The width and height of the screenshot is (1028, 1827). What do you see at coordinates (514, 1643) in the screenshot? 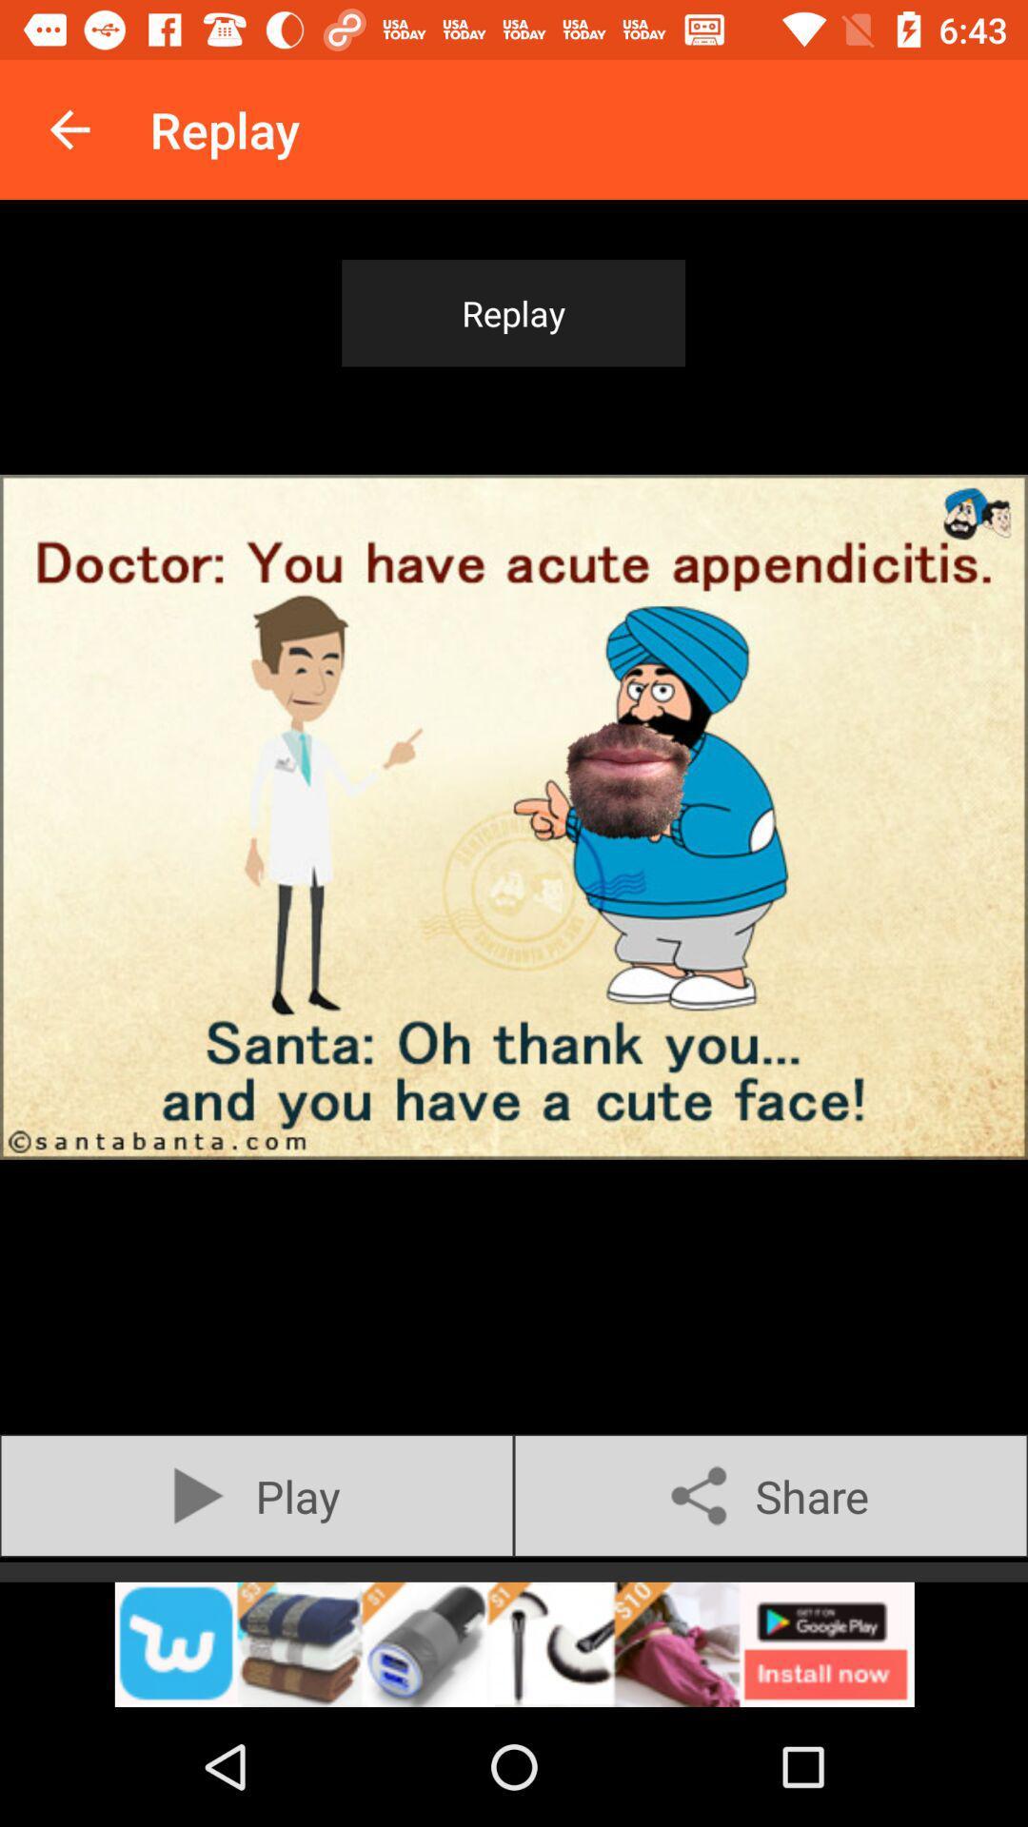
I see `get more information` at bounding box center [514, 1643].